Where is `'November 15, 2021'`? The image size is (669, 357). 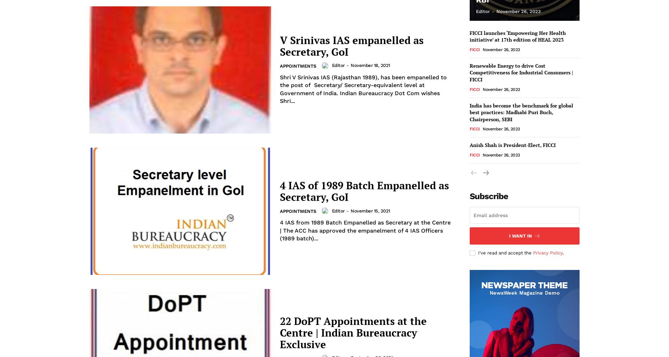
'November 15, 2021' is located at coordinates (370, 210).